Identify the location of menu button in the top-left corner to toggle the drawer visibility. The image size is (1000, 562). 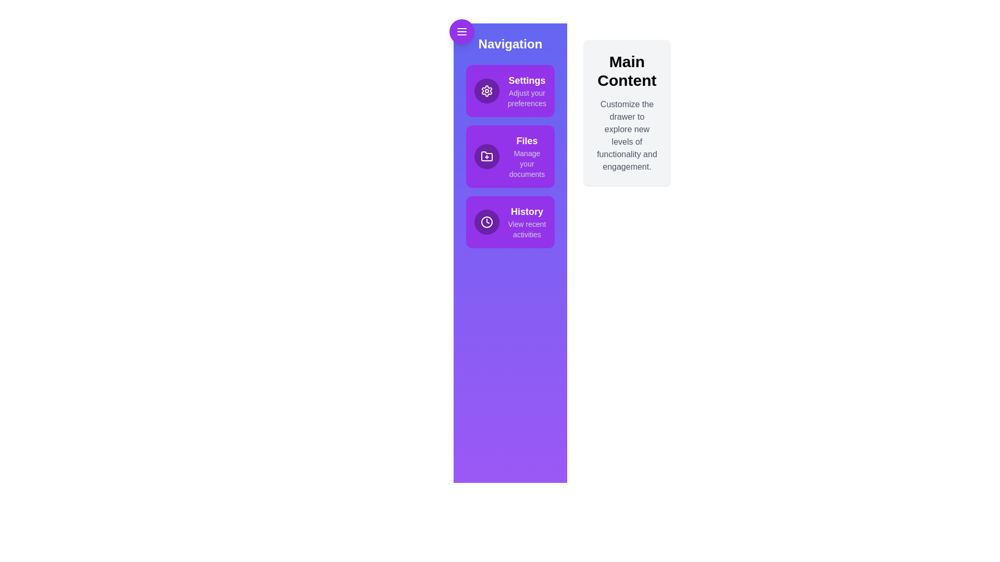
(461, 31).